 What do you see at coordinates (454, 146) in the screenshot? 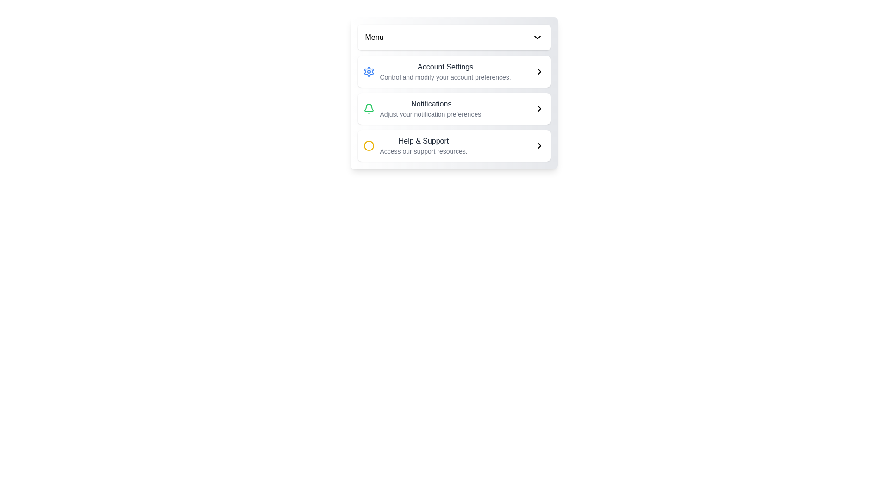
I see `the 'Help & Support' button element` at bounding box center [454, 146].